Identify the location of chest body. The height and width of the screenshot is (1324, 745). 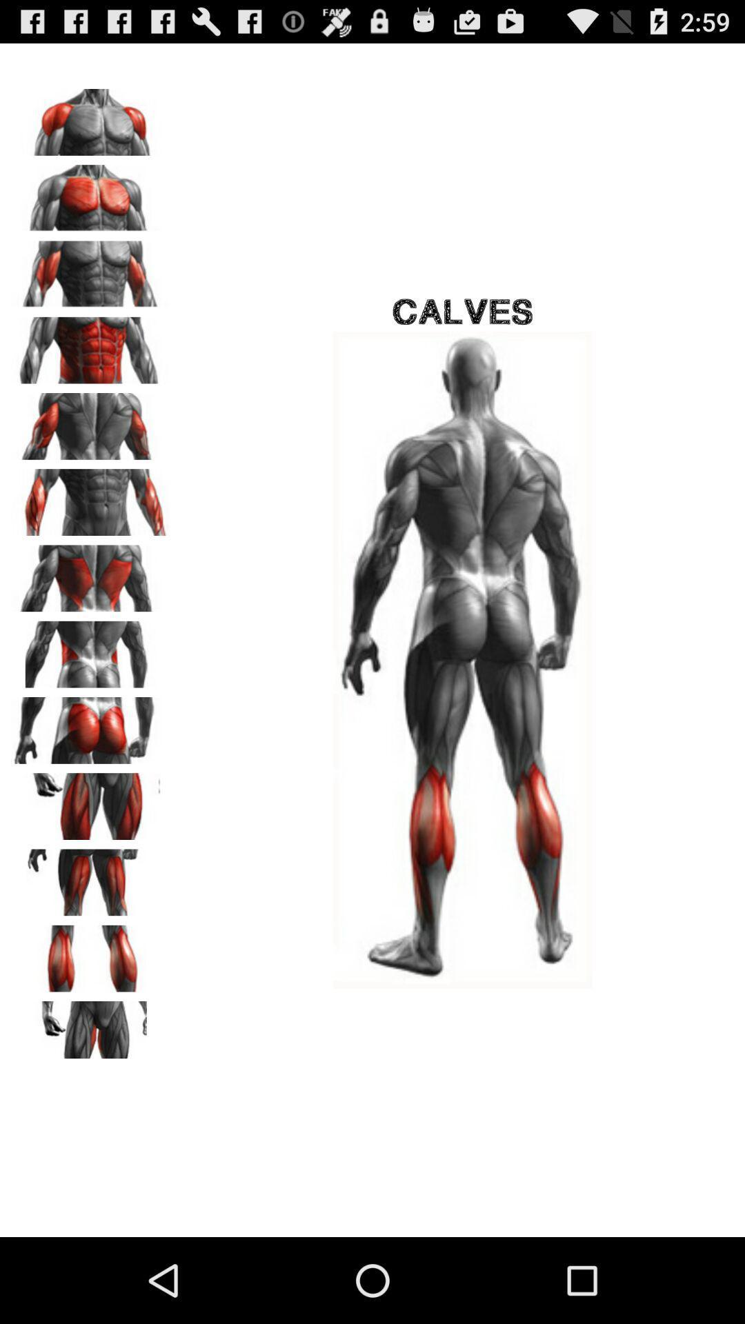
(90, 117).